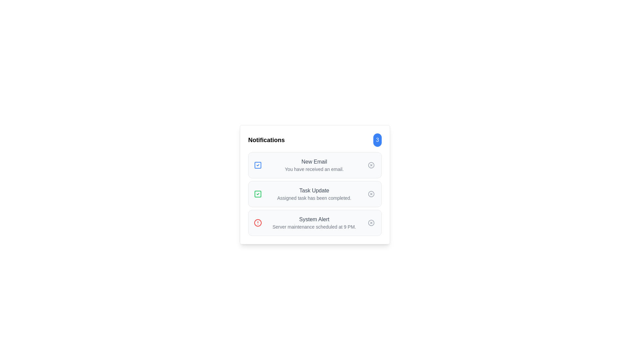 Image resolution: width=644 pixels, height=362 pixels. I want to click on the text label displaying 'You have received an email.' which is styled in a subdued gray color and positioned directly beneath the 'New Email' heading, so click(314, 169).